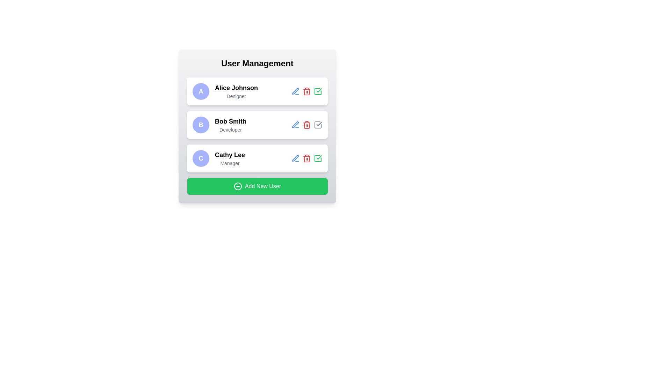  Describe the element at coordinates (318, 125) in the screenshot. I see `the Checkbox-like icon to approve the user entry 'Bob Smith, Developer', which is the fourth icon in the User Management interface` at that location.